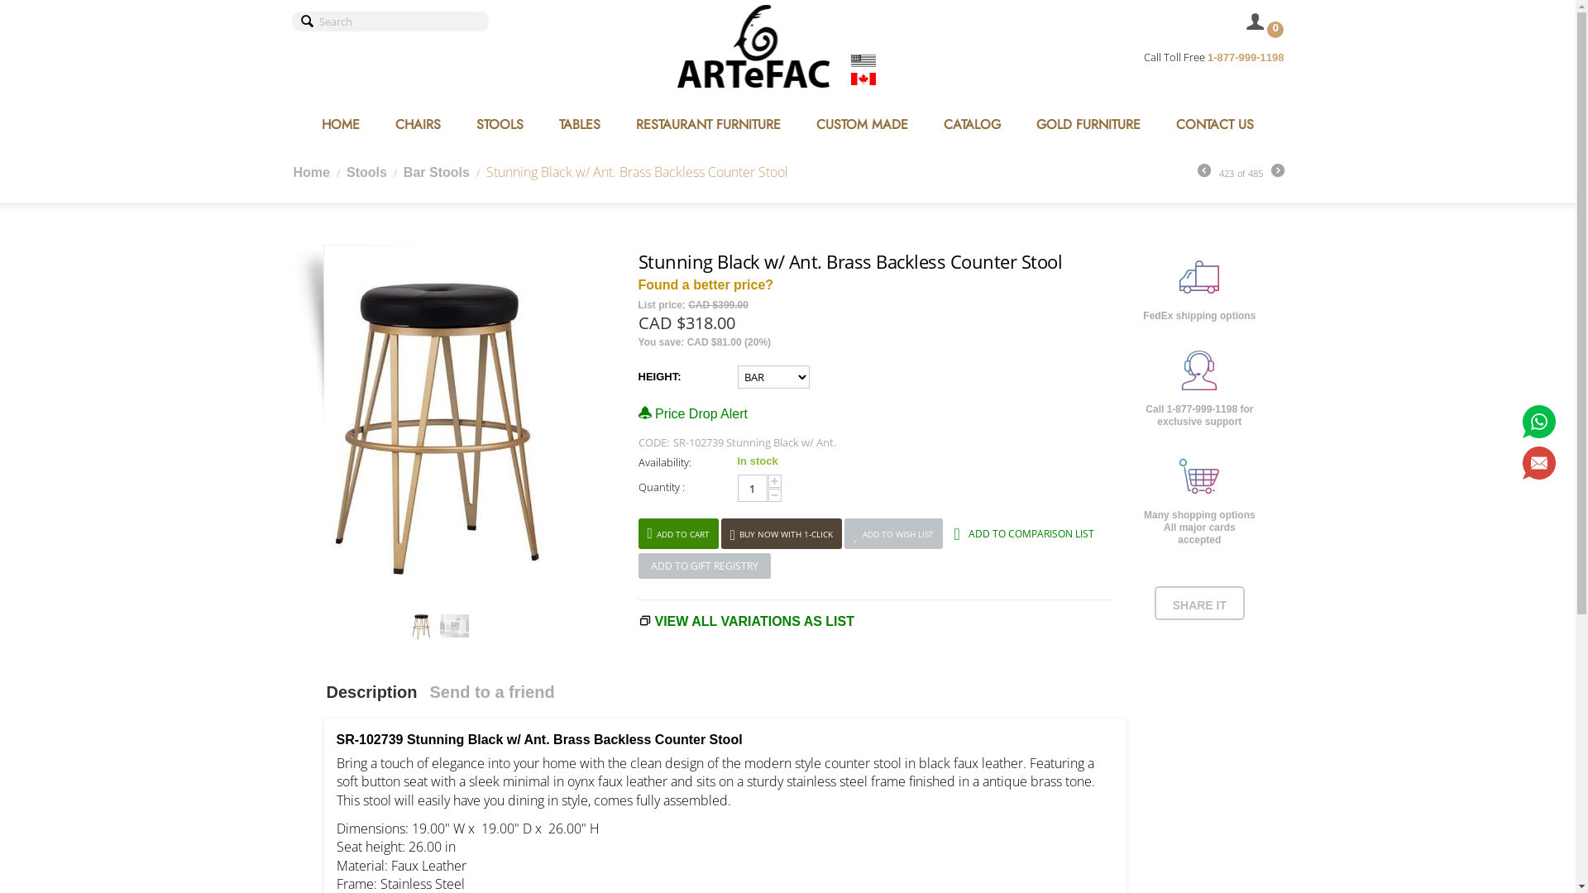  I want to click on 'CUSTOM MADE', so click(861, 123).